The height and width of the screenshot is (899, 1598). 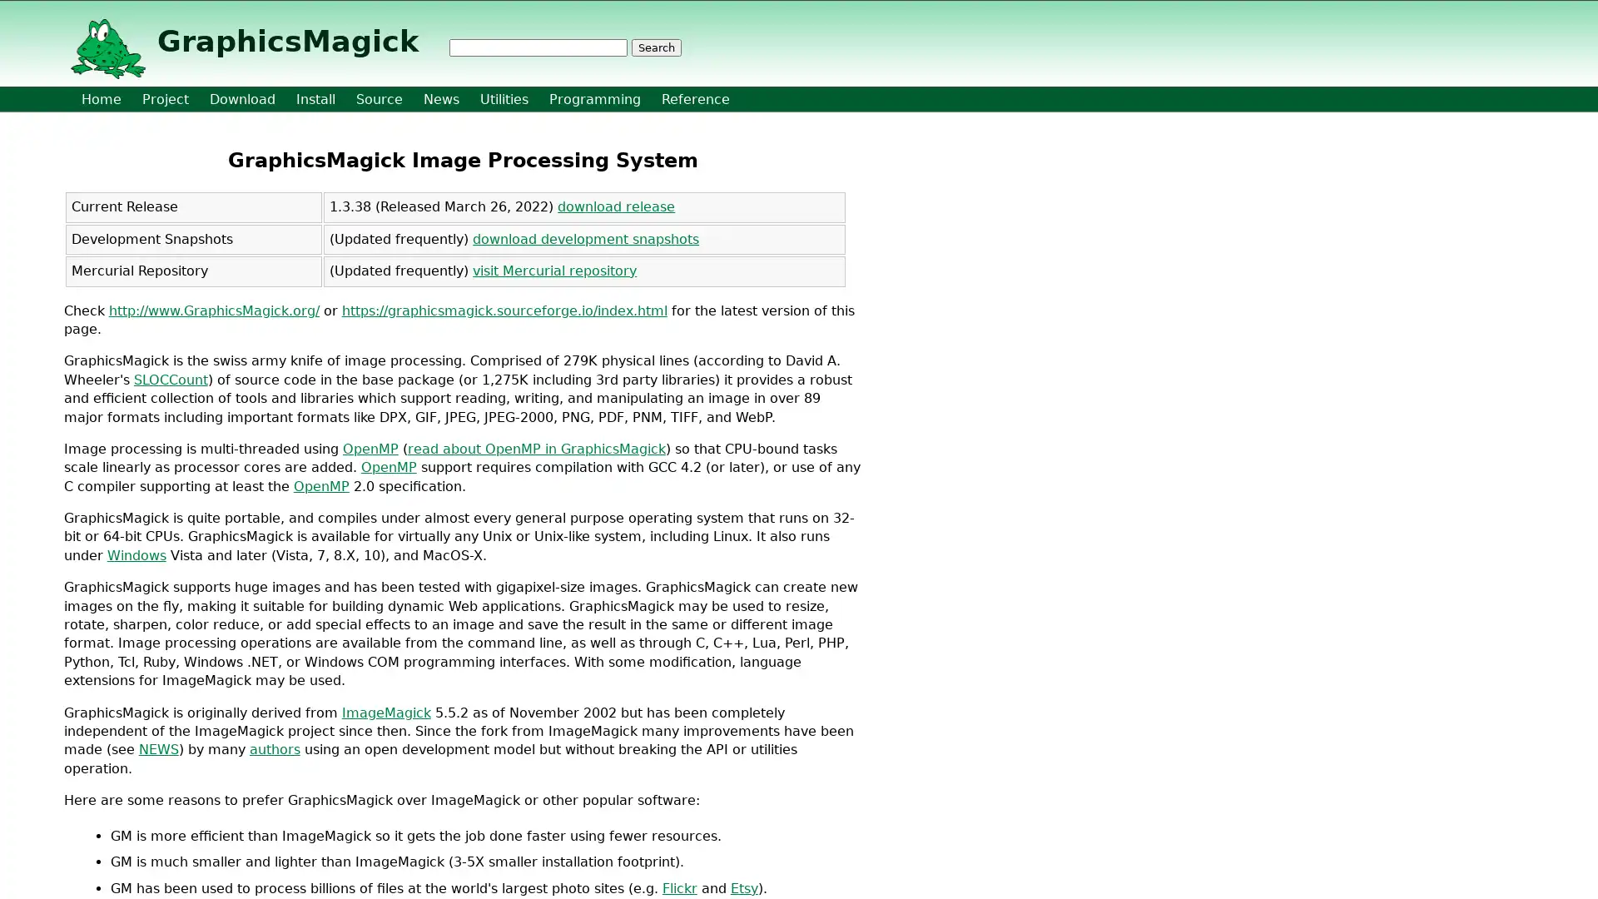 I want to click on Search, so click(x=654, y=46).